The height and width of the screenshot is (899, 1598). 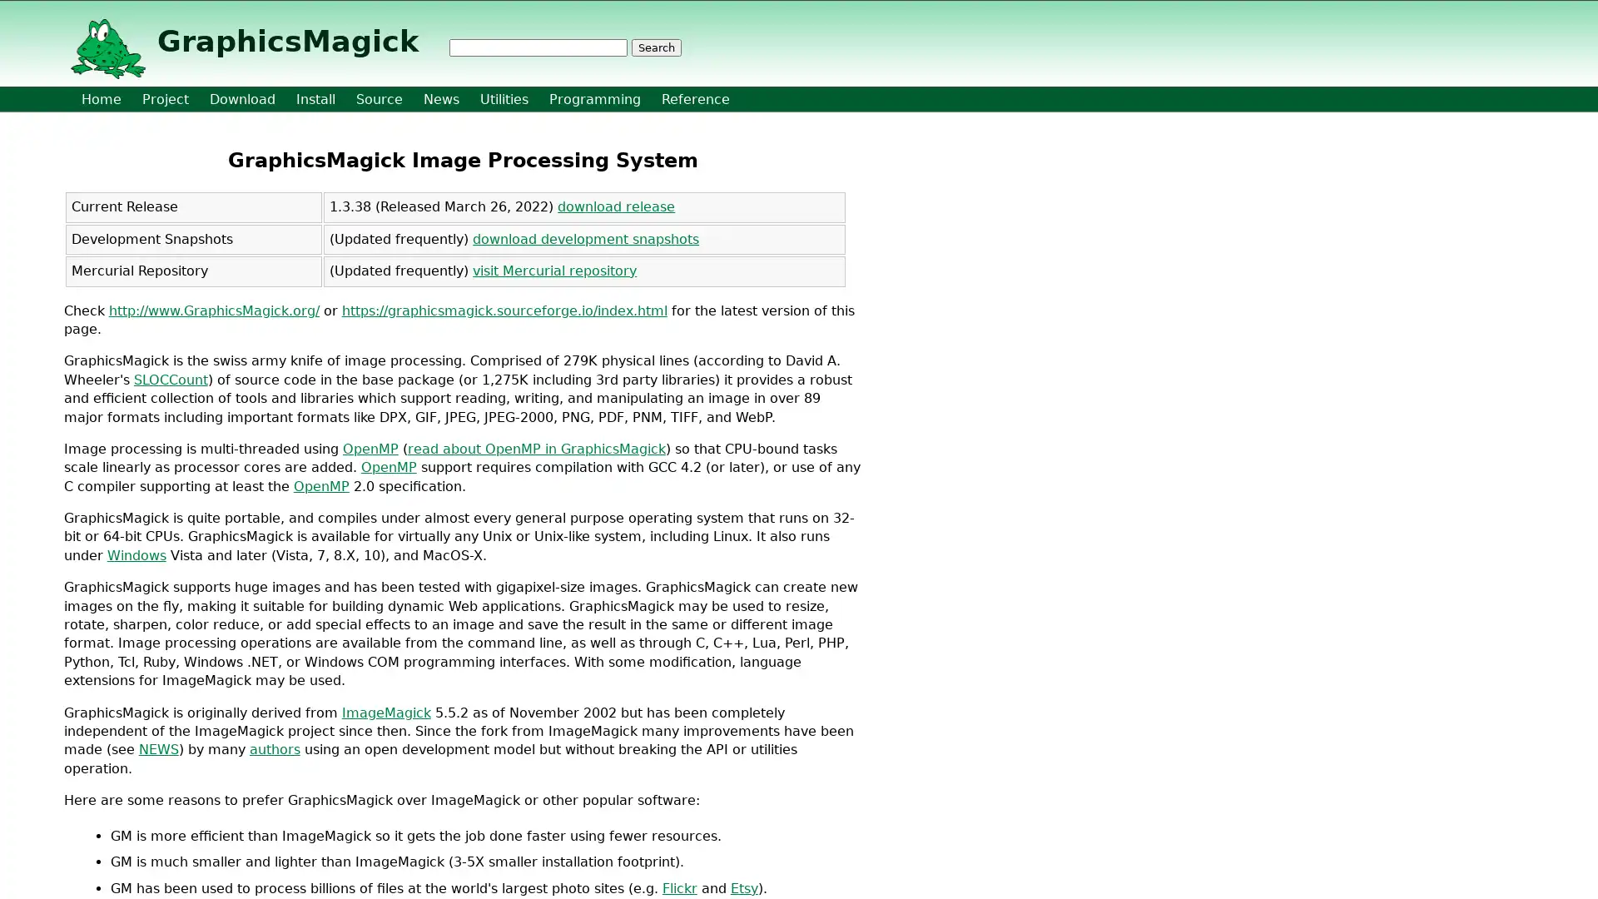 I want to click on Search, so click(x=654, y=46).